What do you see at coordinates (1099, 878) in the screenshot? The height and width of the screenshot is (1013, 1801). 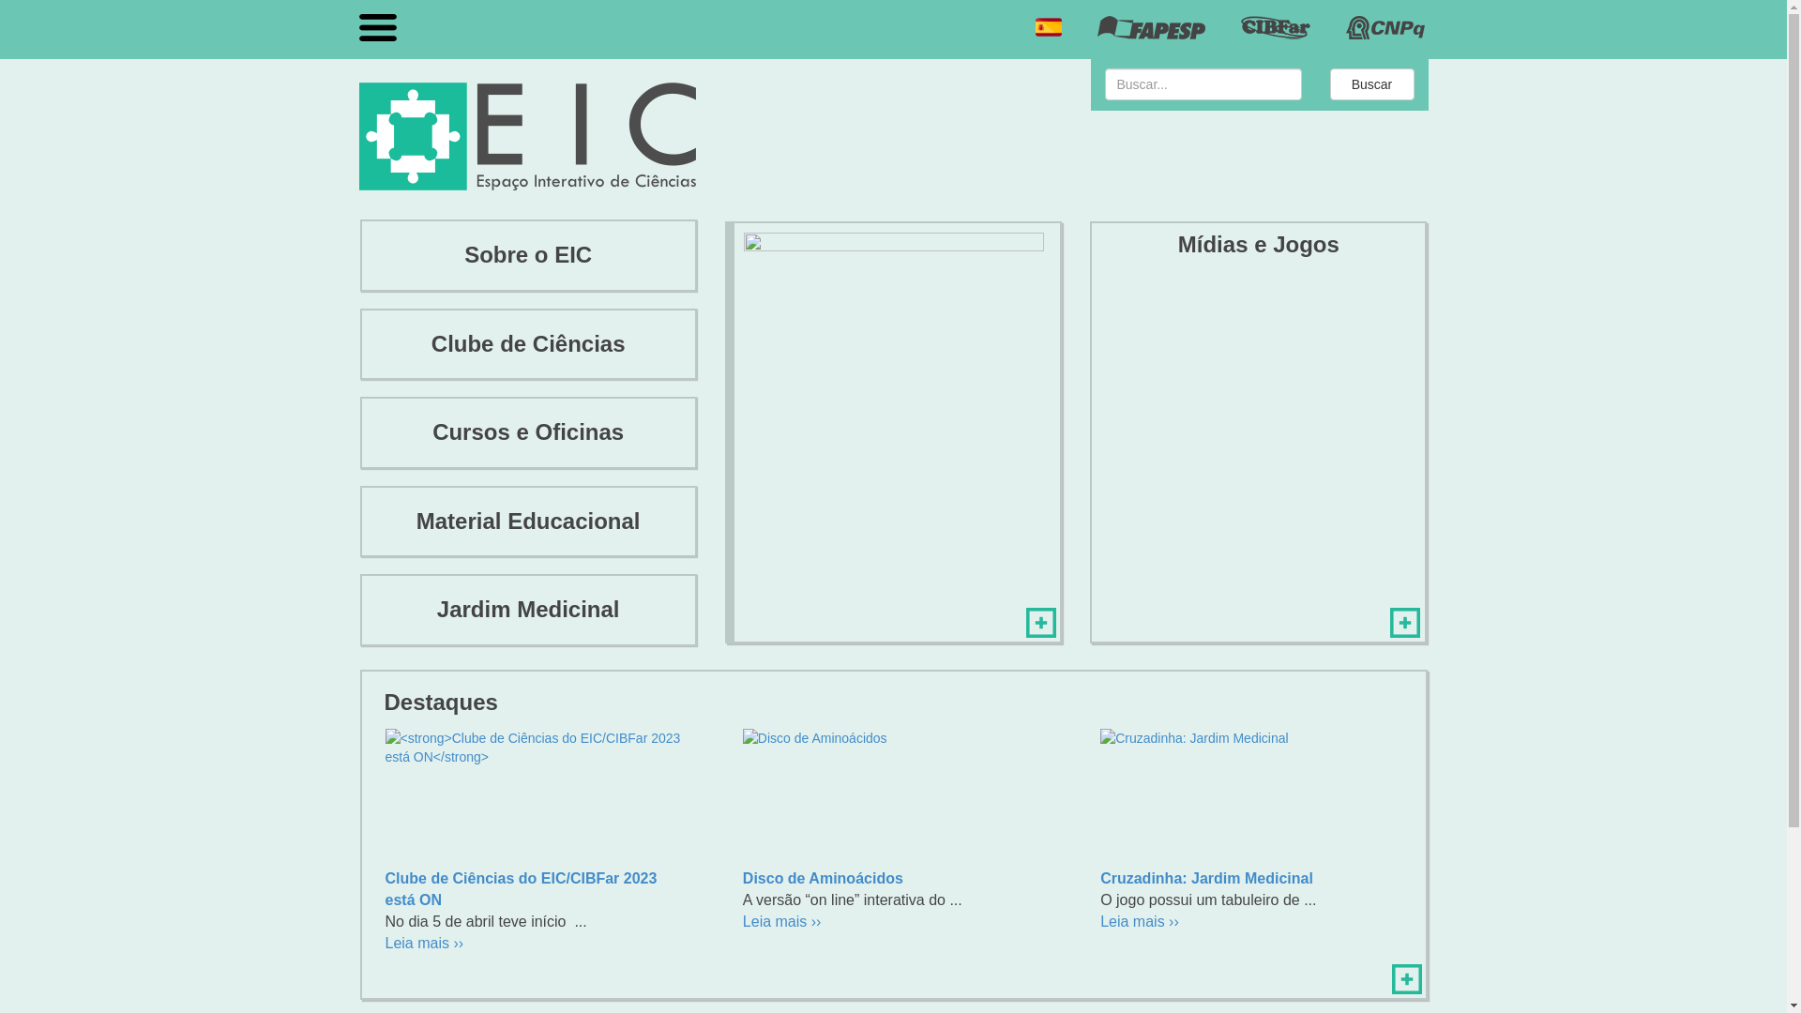 I see `'Cruzadinha: Jardim Medicinal'` at bounding box center [1099, 878].